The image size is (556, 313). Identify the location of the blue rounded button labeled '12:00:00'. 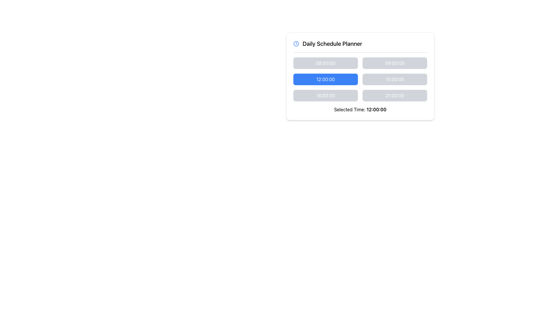
(325, 79).